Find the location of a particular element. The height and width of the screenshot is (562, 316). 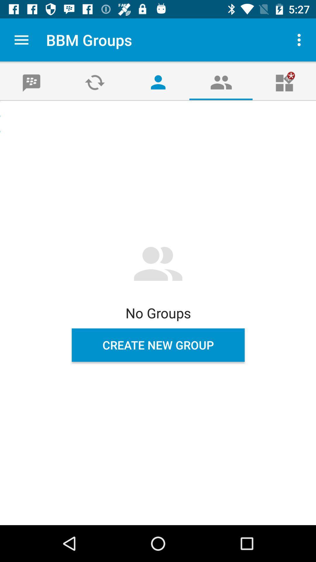

the icon to the left of the bbm groups icon is located at coordinates (21, 40).